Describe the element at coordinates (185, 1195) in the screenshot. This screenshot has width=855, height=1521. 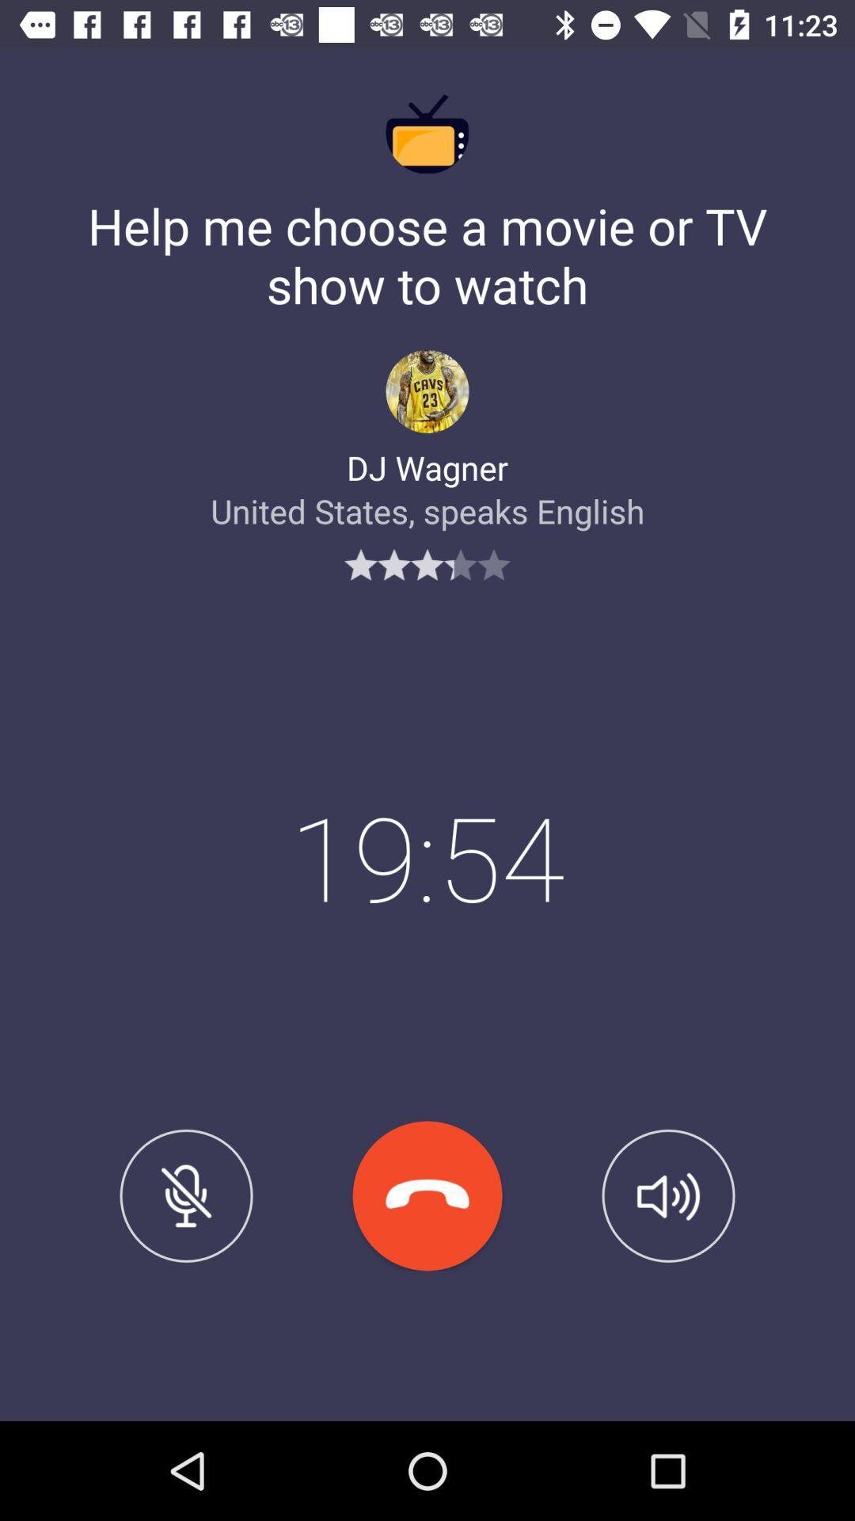
I see `mute desmute` at that location.